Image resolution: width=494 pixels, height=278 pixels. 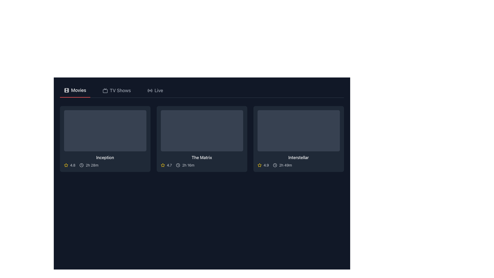 What do you see at coordinates (275, 165) in the screenshot?
I see `the clock icon representing the duration of the movie 'Interstellar', located between the rating and the duration text` at bounding box center [275, 165].